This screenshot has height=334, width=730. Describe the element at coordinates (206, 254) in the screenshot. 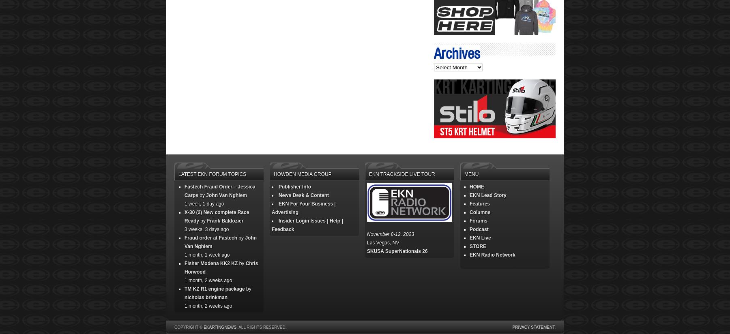

I see `'1 month, 1 week ago'` at that location.